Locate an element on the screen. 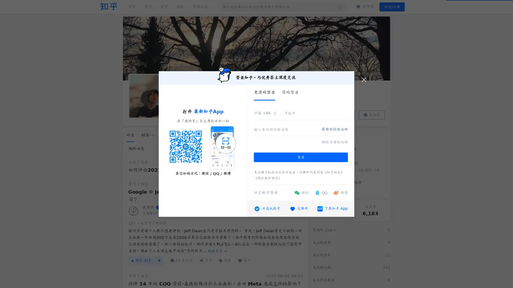  327 is located at coordinates (147, 223).